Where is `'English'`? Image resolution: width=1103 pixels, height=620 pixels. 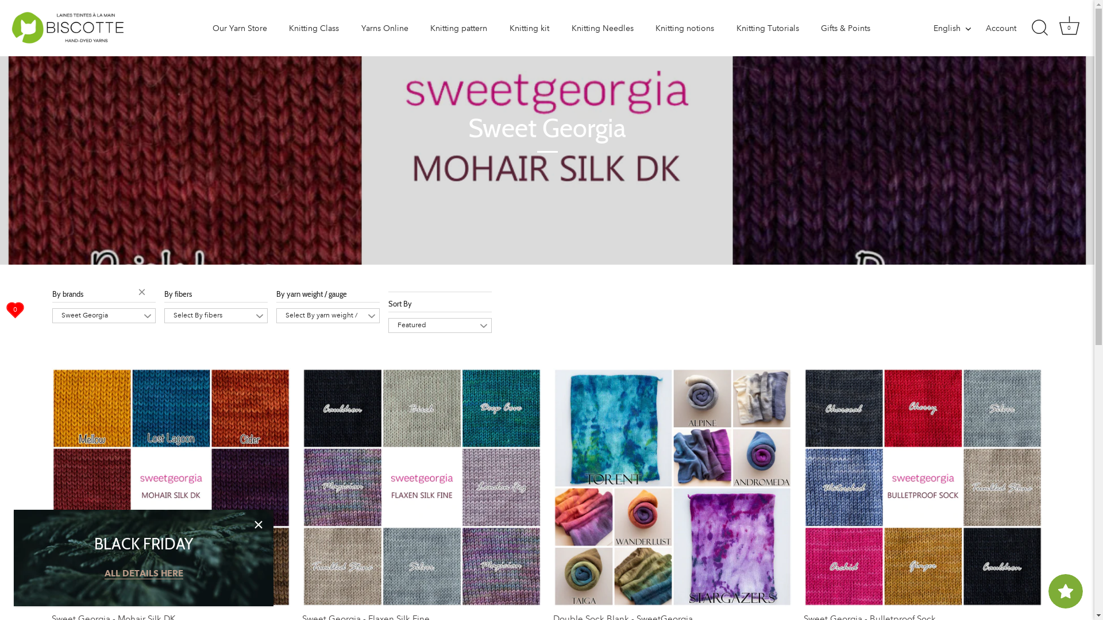
'English' is located at coordinates (934, 28).